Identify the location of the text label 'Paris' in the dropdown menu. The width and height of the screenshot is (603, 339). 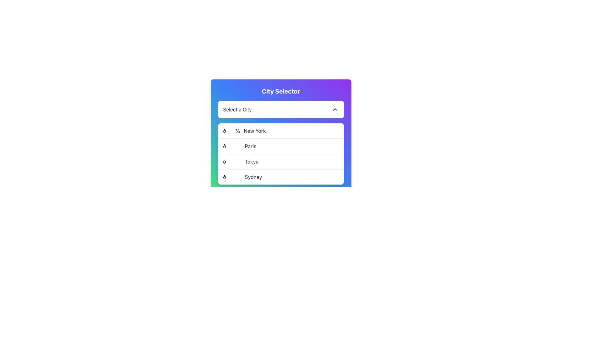
(250, 146).